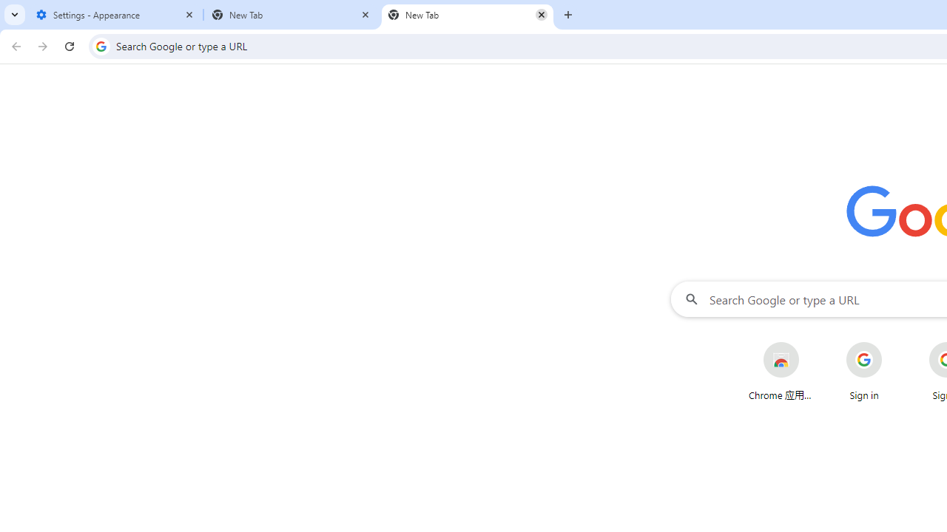  I want to click on 'More actions for Sign in shortcut', so click(893, 343).